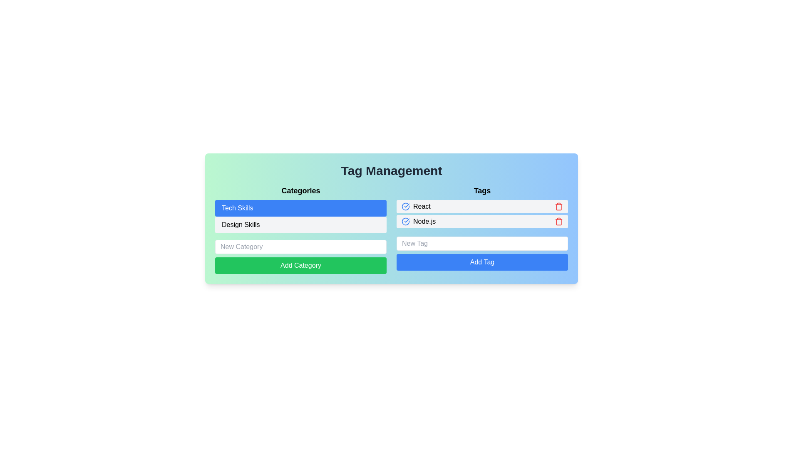 This screenshot has height=449, width=799. Describe the element at coordinates (559, 206) in the screenshot. I see `the trash bin icon located next to the 'React' tag in the right-hand section titled 'Tags'` at that location.